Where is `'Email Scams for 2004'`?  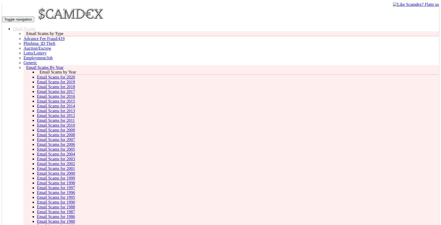
'Email Scams for 2004' is located at coordinates (56, 154).